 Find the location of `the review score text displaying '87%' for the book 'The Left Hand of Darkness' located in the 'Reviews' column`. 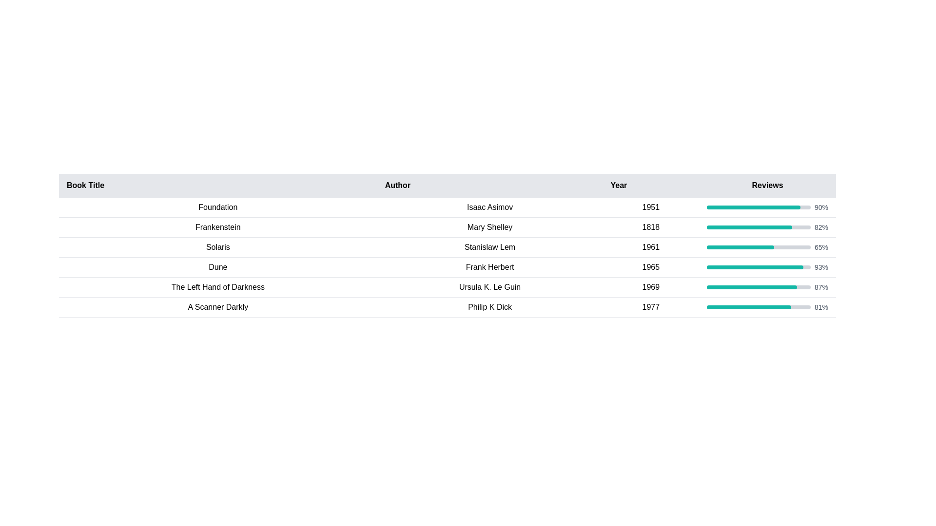

the review score text displaying '87%' for the book 'The Left Hand of Darkness' located in the 'Reviews' column is located at coordinates (820, 287).